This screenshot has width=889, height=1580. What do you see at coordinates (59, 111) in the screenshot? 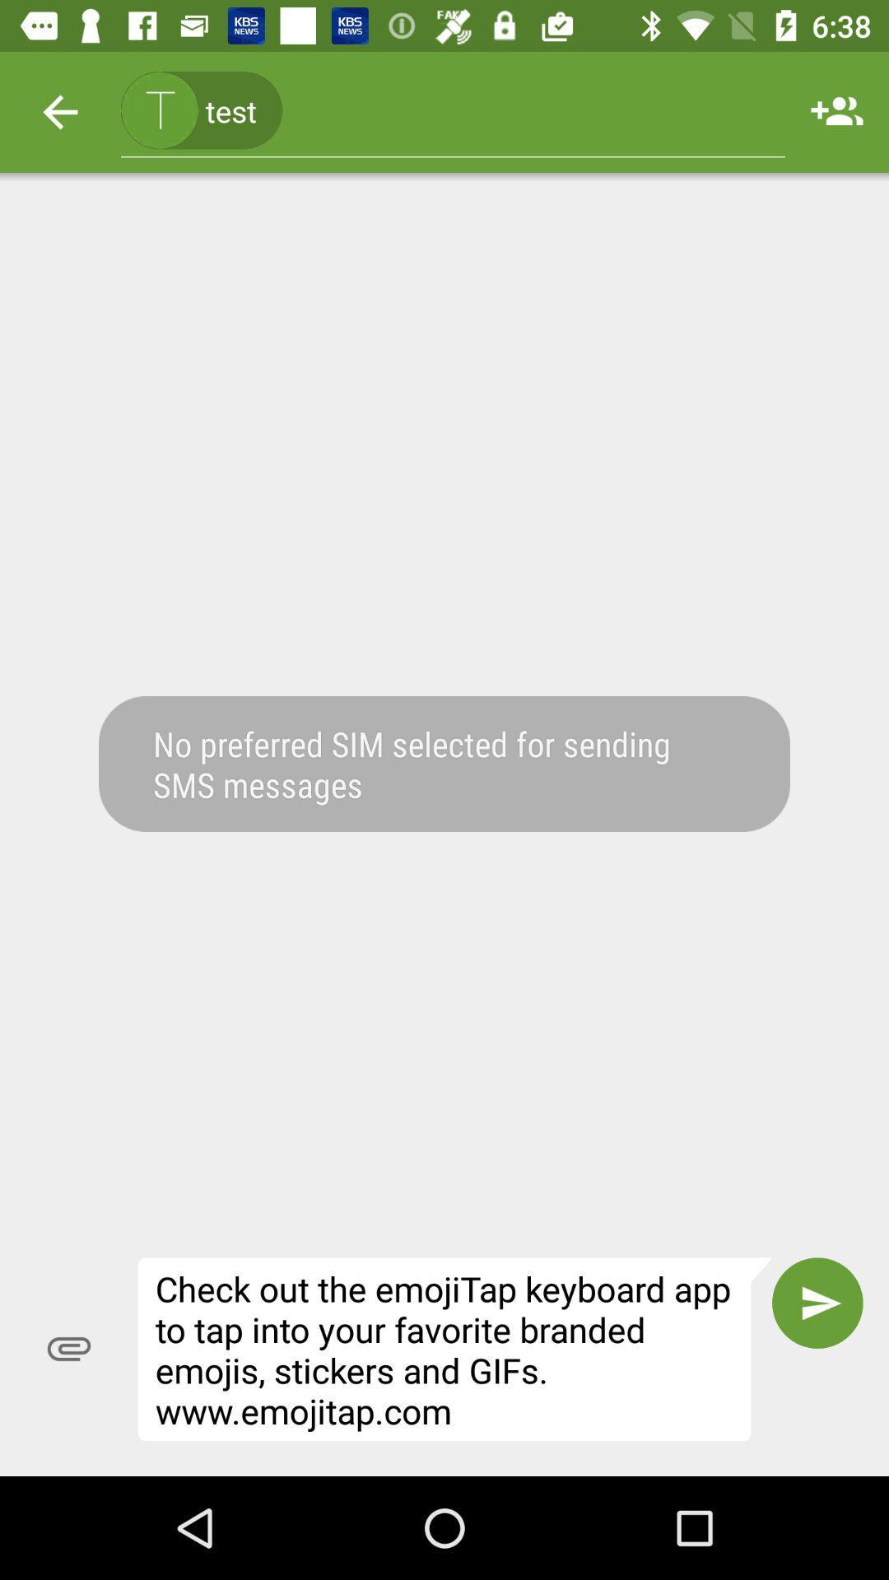
I see `item at the top left corner` at bounding box center [59, 111].